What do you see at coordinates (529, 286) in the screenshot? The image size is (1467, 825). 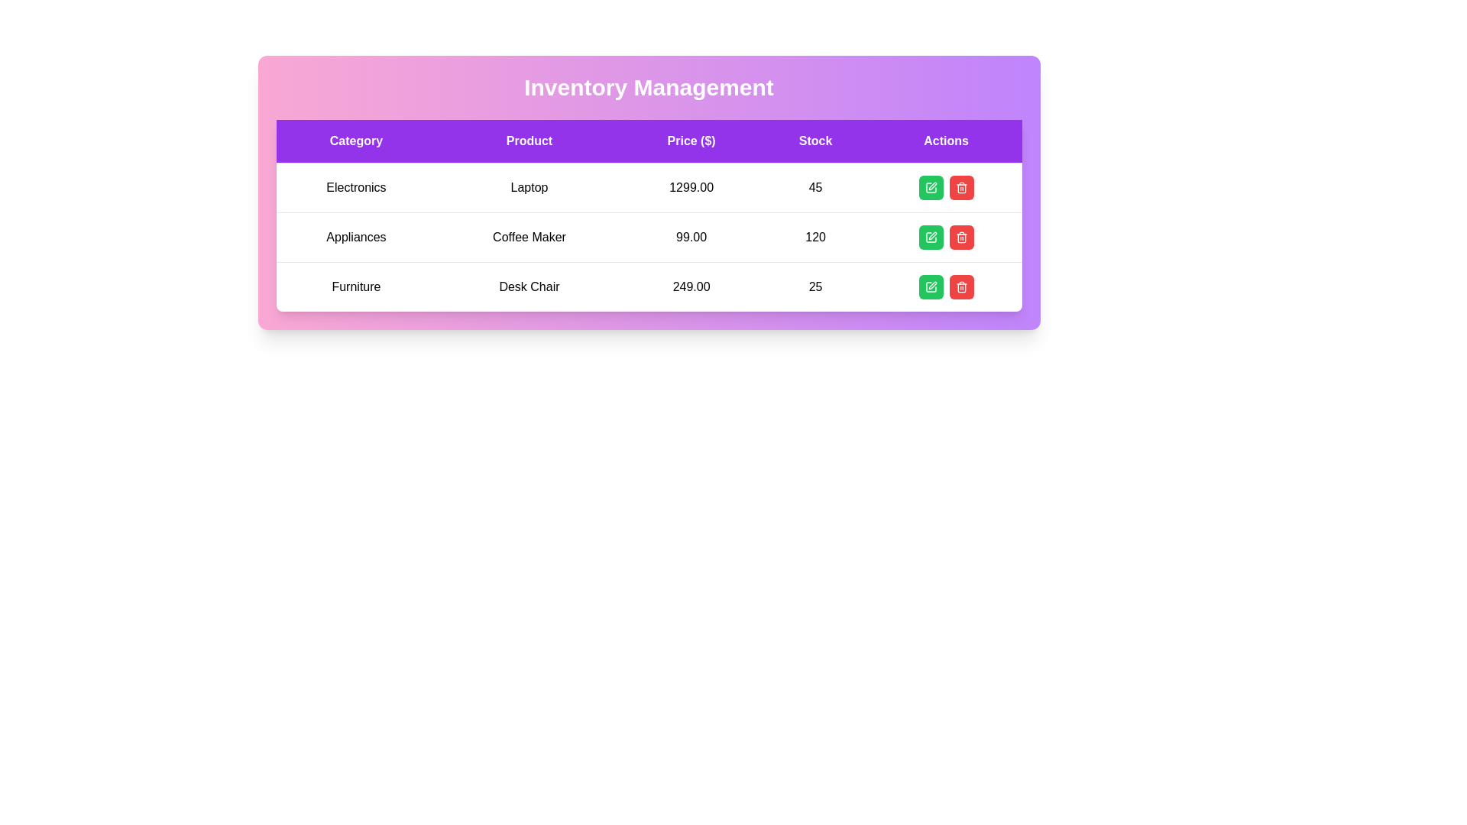 I see `the 'Desk Chair' text display field in the 'Furniture' row of the inventory table` at bounding box center [529, 286].